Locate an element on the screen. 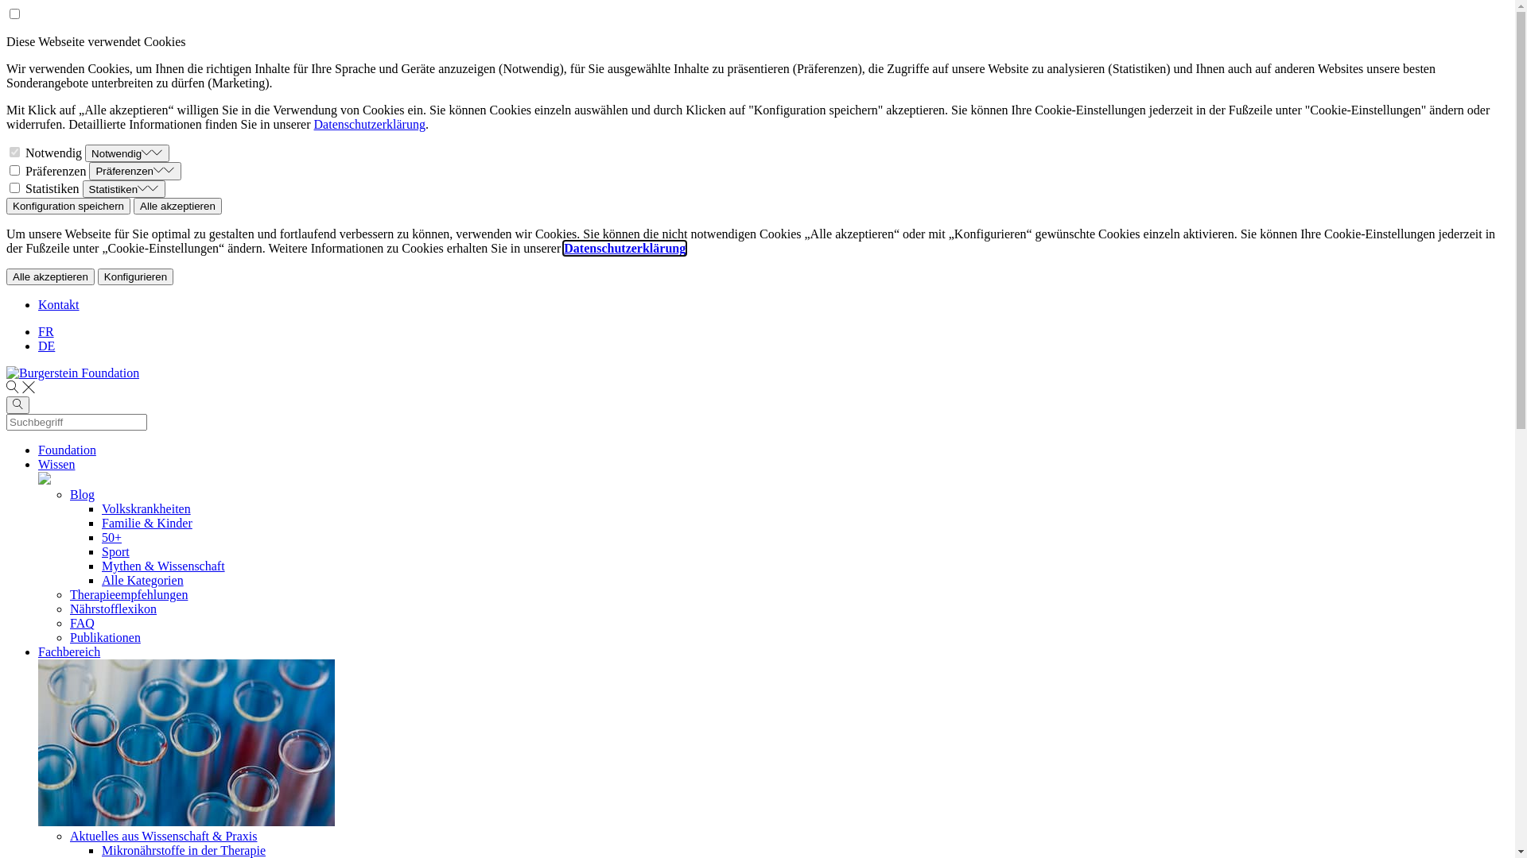 The width and height of the screenshot is (1527, 858). 'Mythen & Wissenschaft' is located at coordinates (101, 565).